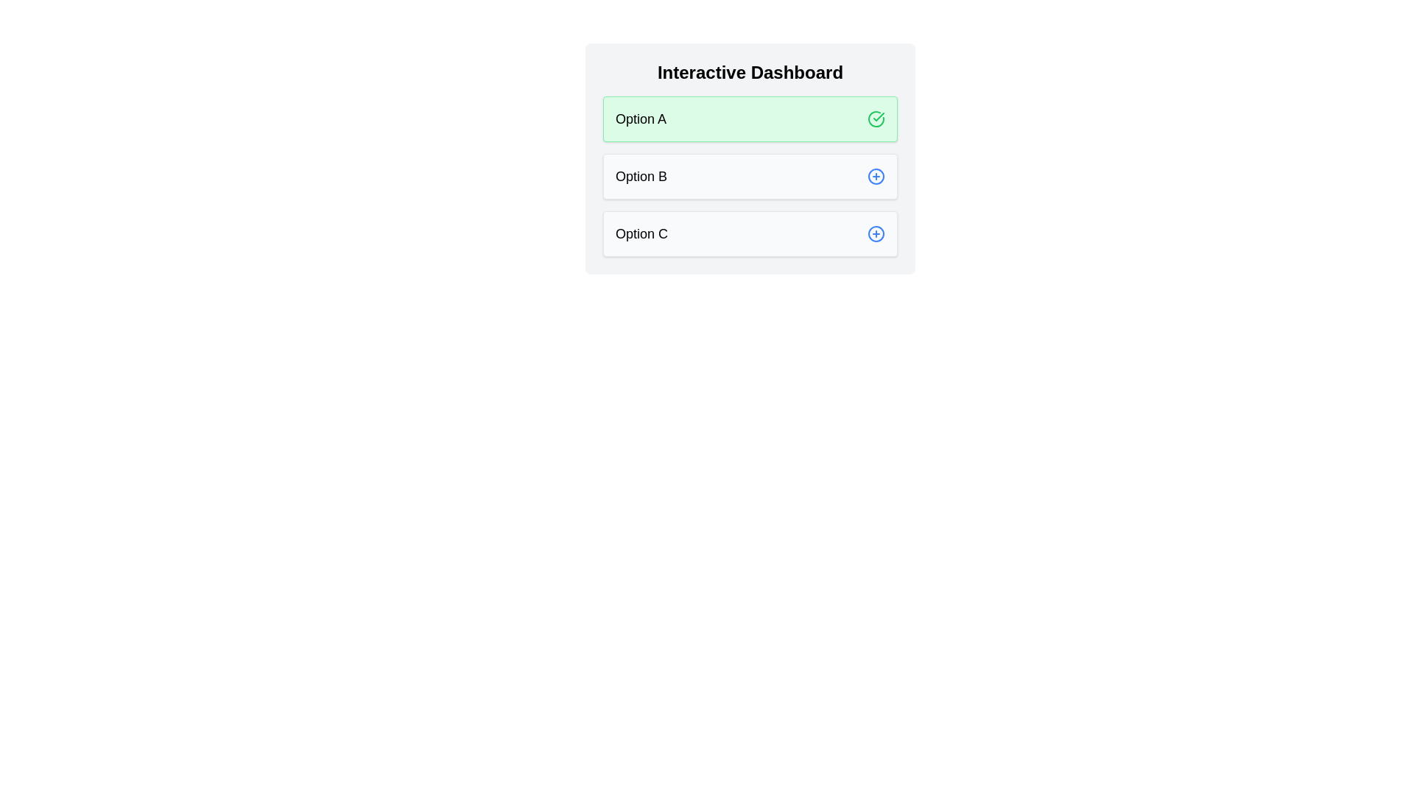 The image size is (1414, 795). Describe the element at coordinates (876, 233) in the screenshot. I see `the icon of chip Option C` at that location.